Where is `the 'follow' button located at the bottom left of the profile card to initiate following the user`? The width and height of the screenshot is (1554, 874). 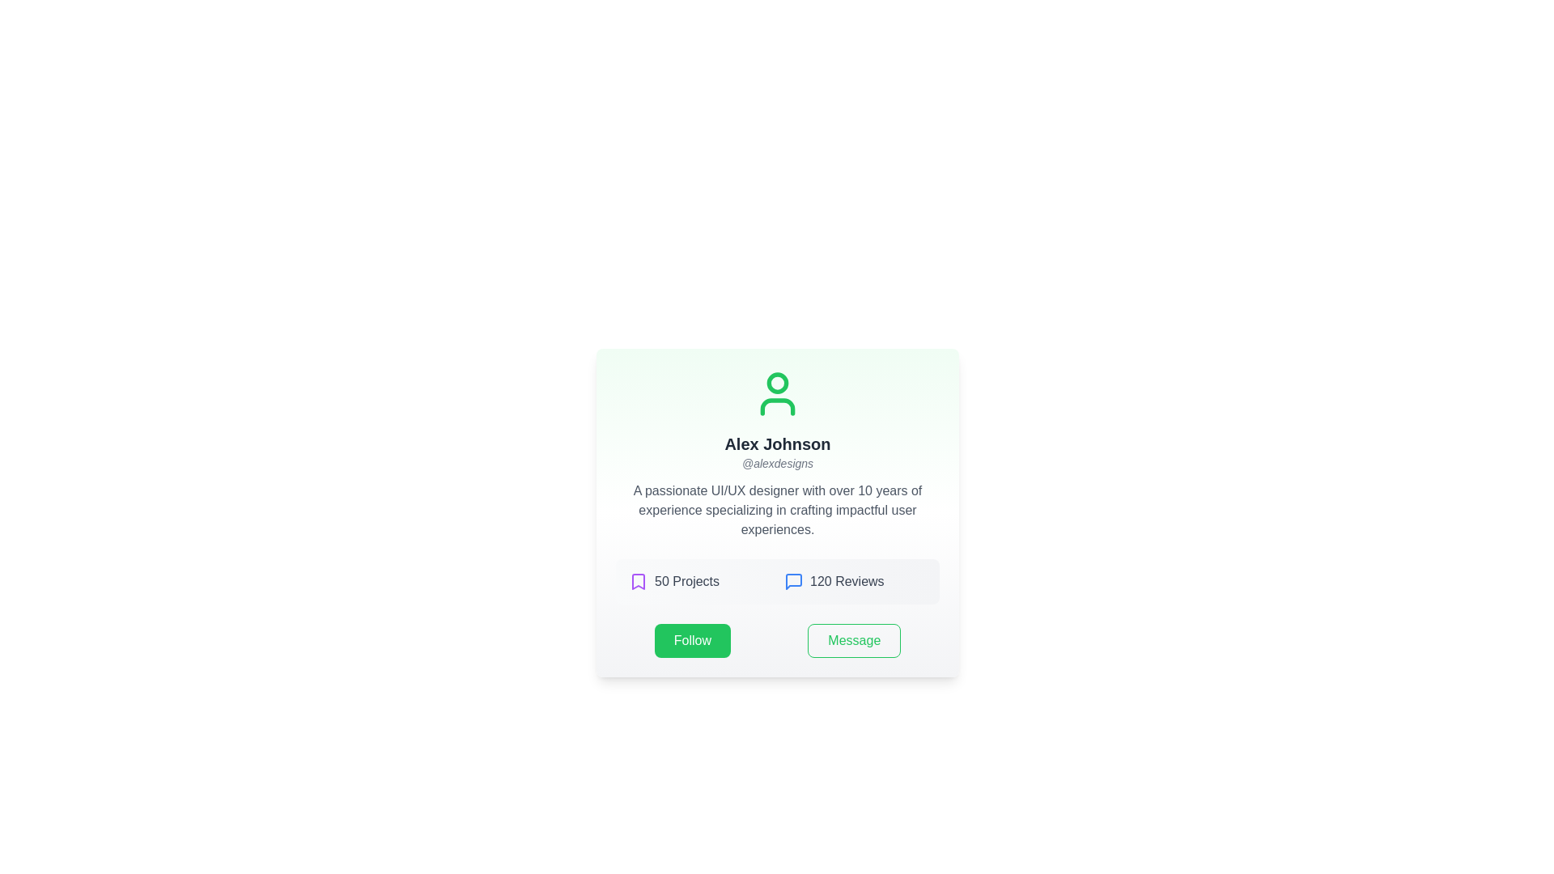 the 'follow' button located at the bottom left of the profile card to initiate following the user is located at coordinates (692, 639).